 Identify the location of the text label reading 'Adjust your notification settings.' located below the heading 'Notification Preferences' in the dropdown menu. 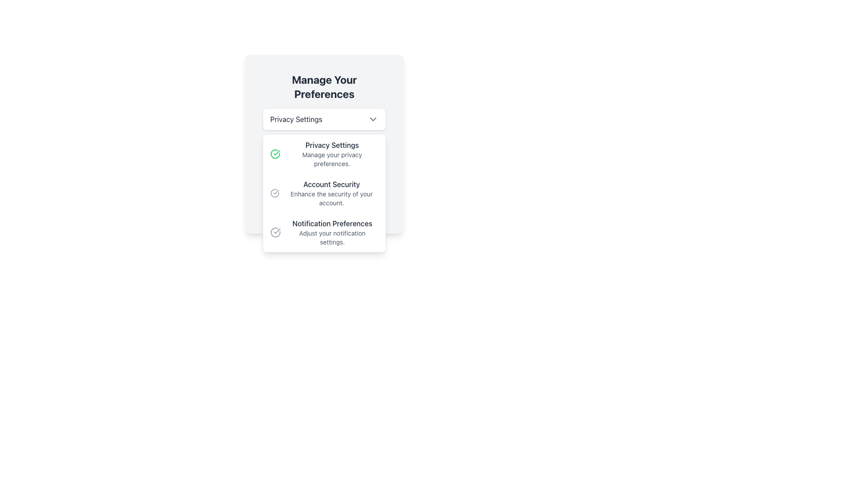
(332, 237).